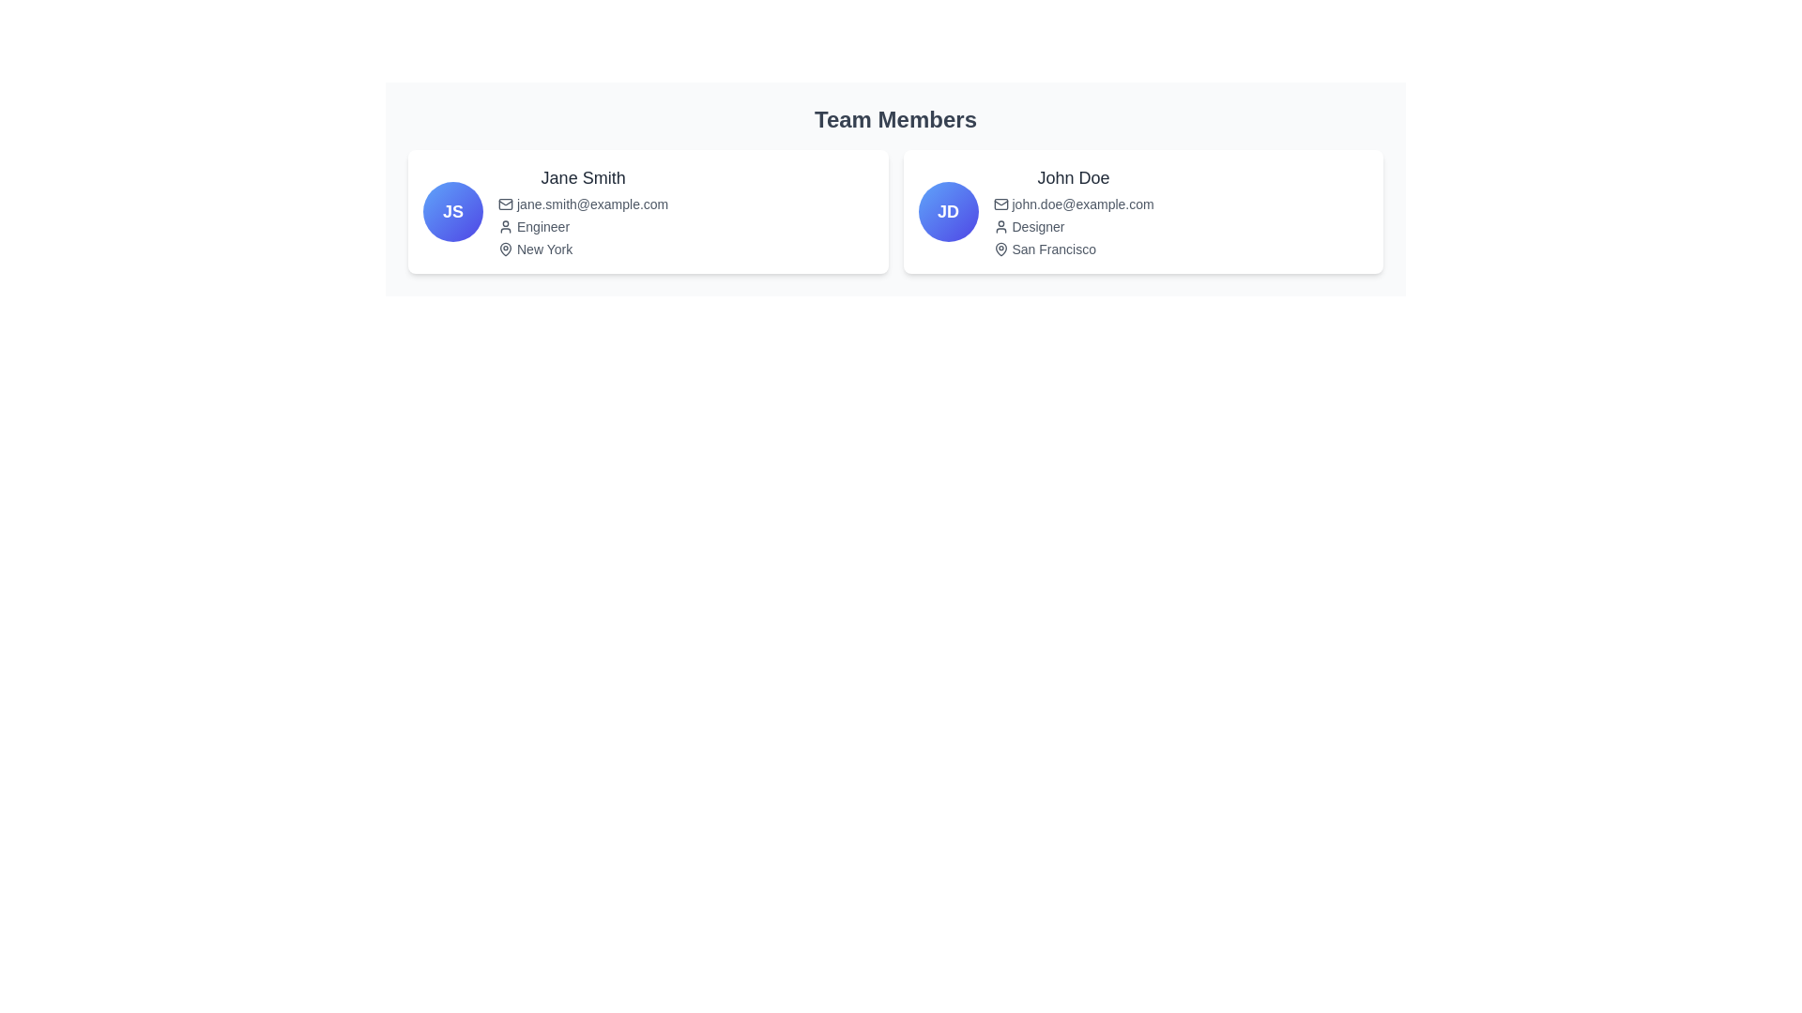 The image size is (1802, 1013). Describe the element at coordinates (505, 204) in the screenshot. I see `the email icon located immediately to the left of the text 'jane.smith@example.com'` at that location.